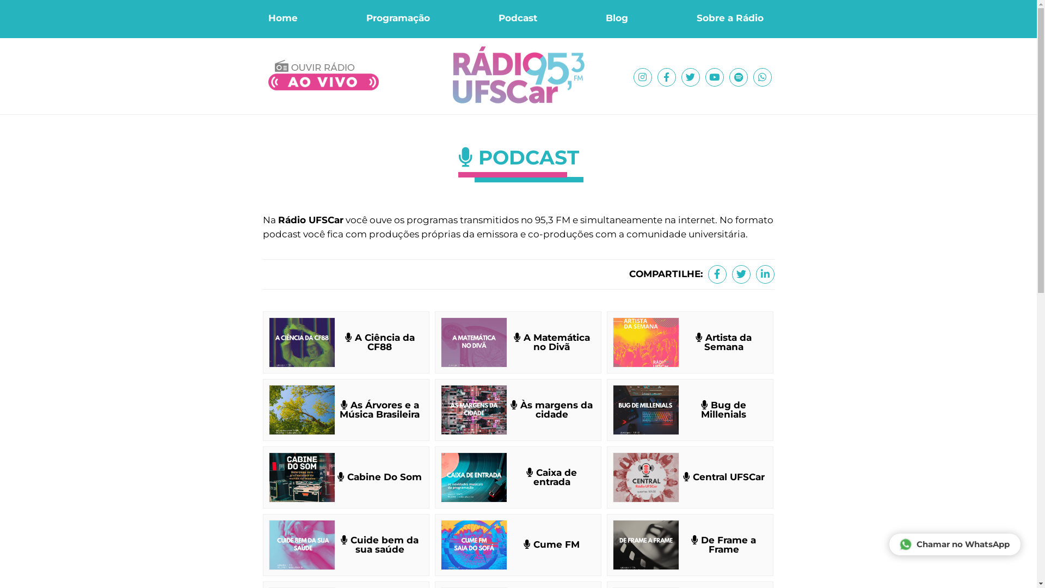 Image resolution: width=1045 pixels, height=588 pixels. I want to click on 'Bug de Millenials', so click(689, 409).